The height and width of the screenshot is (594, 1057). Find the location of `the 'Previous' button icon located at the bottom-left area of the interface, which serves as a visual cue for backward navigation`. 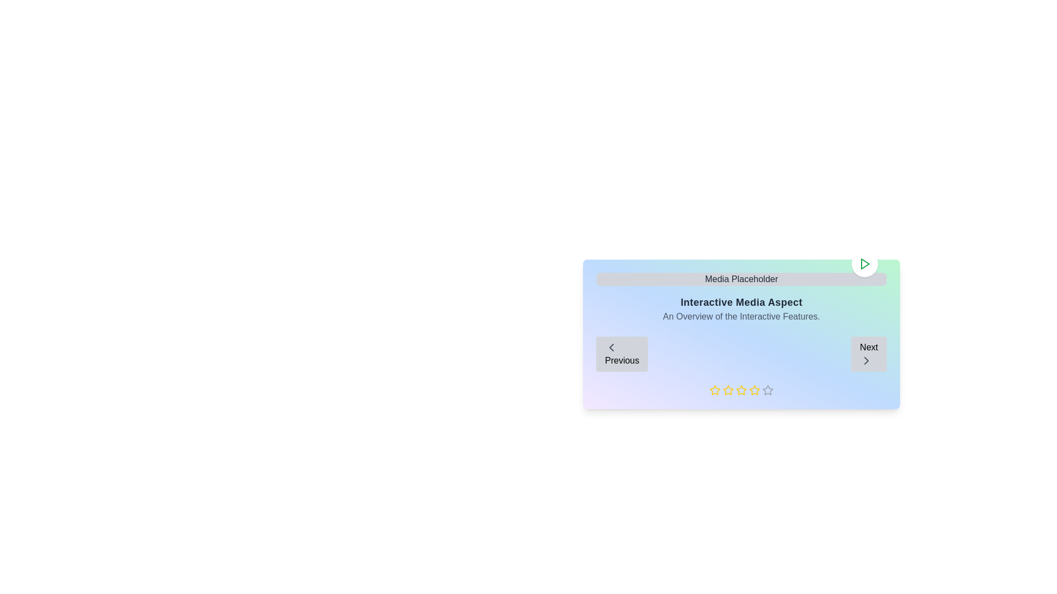

the 'Previous' button icon located at the bottom-left area of the interface, which serves as a visual cue for backward navigation is located at coordinates (611, 348).